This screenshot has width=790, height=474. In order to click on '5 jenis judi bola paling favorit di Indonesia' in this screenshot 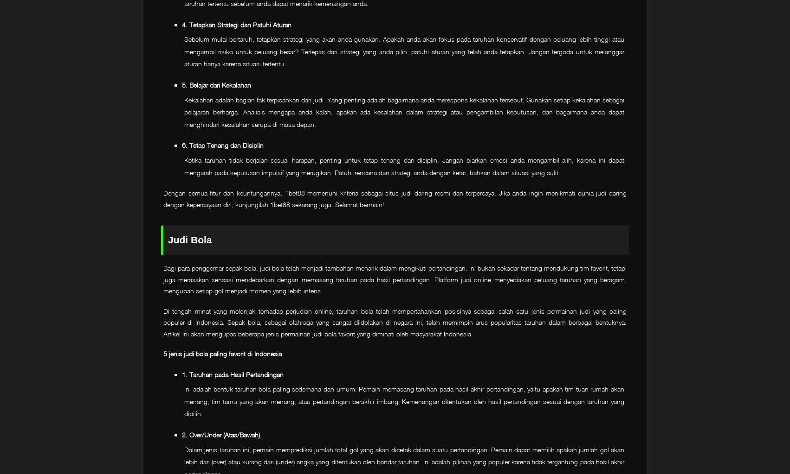, I will do `click(163, 353)`.